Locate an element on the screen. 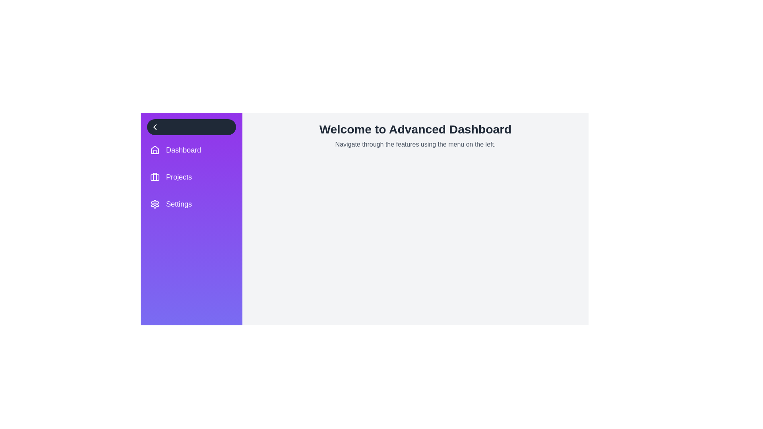  the menu item Projects from the list is located at coordinates (191, 177).